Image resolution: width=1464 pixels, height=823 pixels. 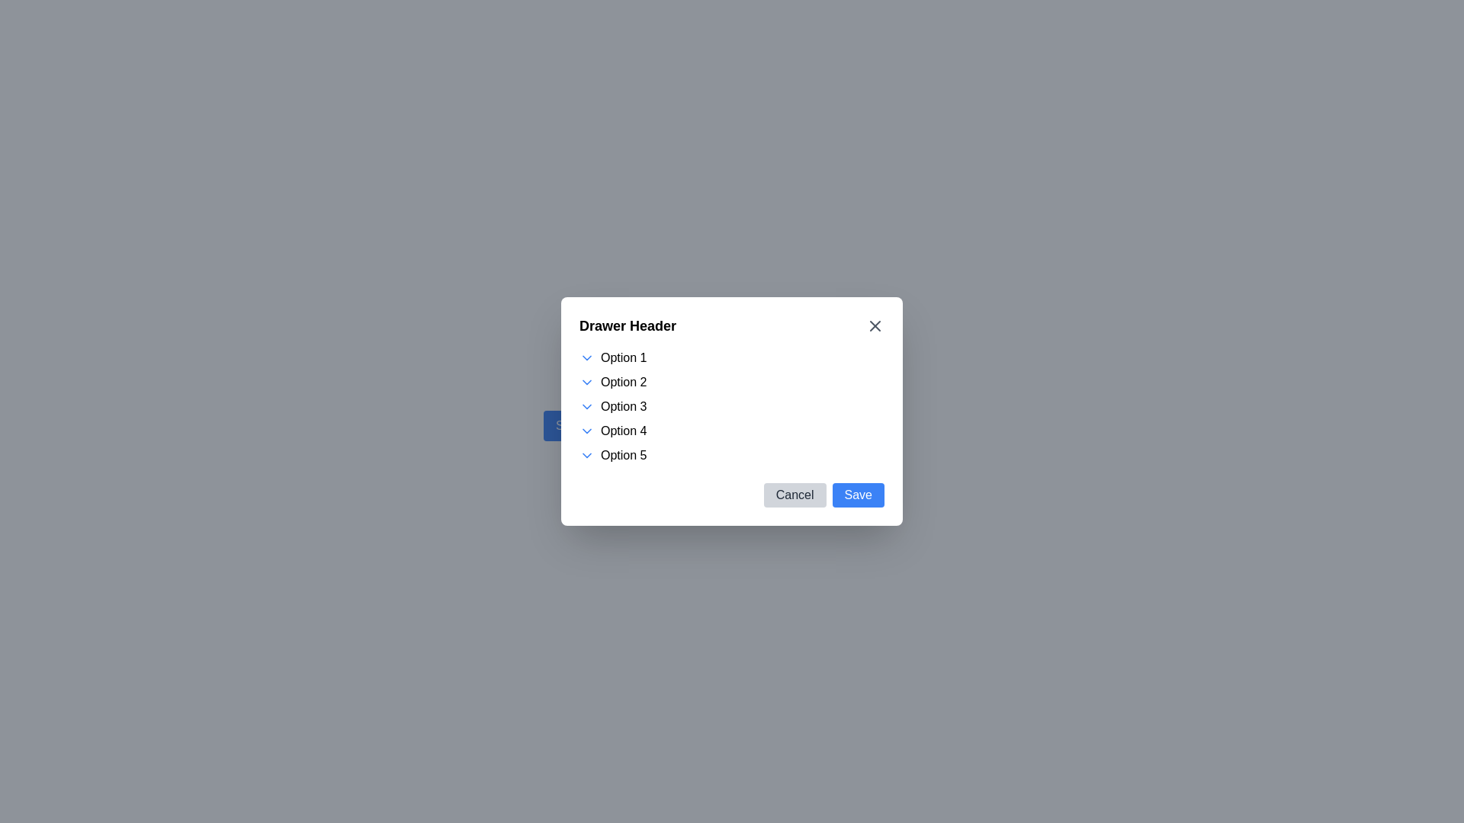 I want to click on the 'Save' button with a blue background and white text located in the modal footer, so click(x=858, y=495).